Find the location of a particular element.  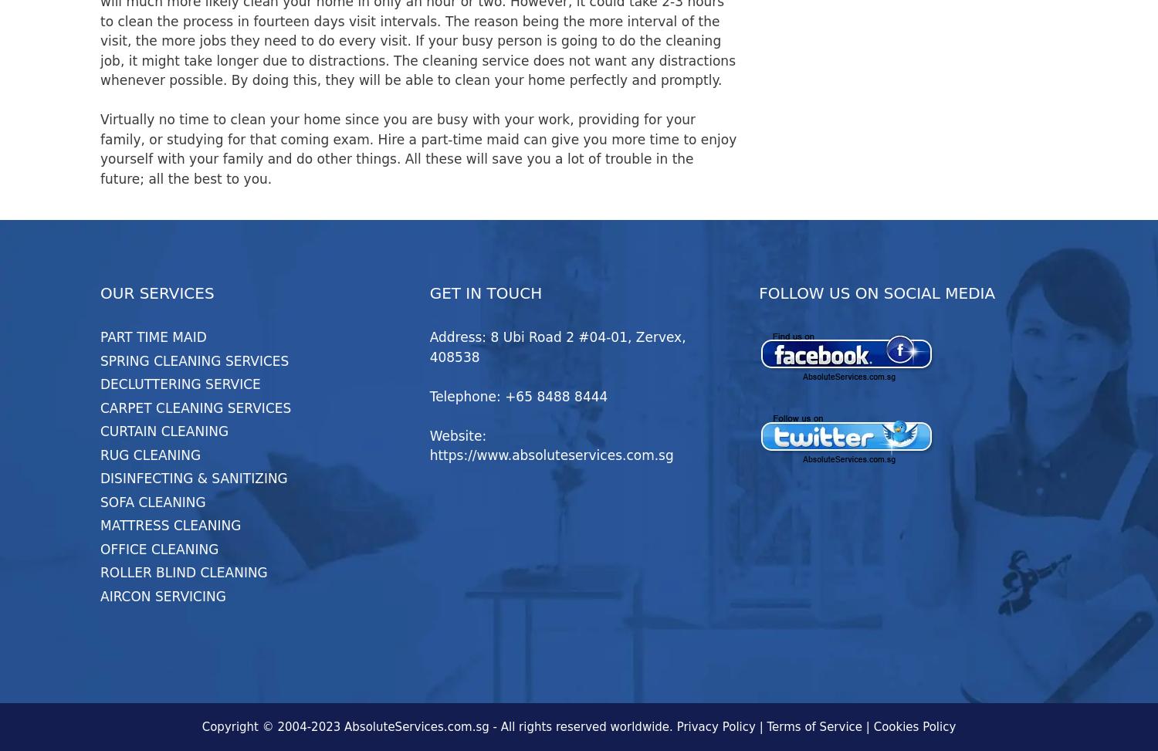

'GET IN TOUCH' is located at coordinates (429, 292).